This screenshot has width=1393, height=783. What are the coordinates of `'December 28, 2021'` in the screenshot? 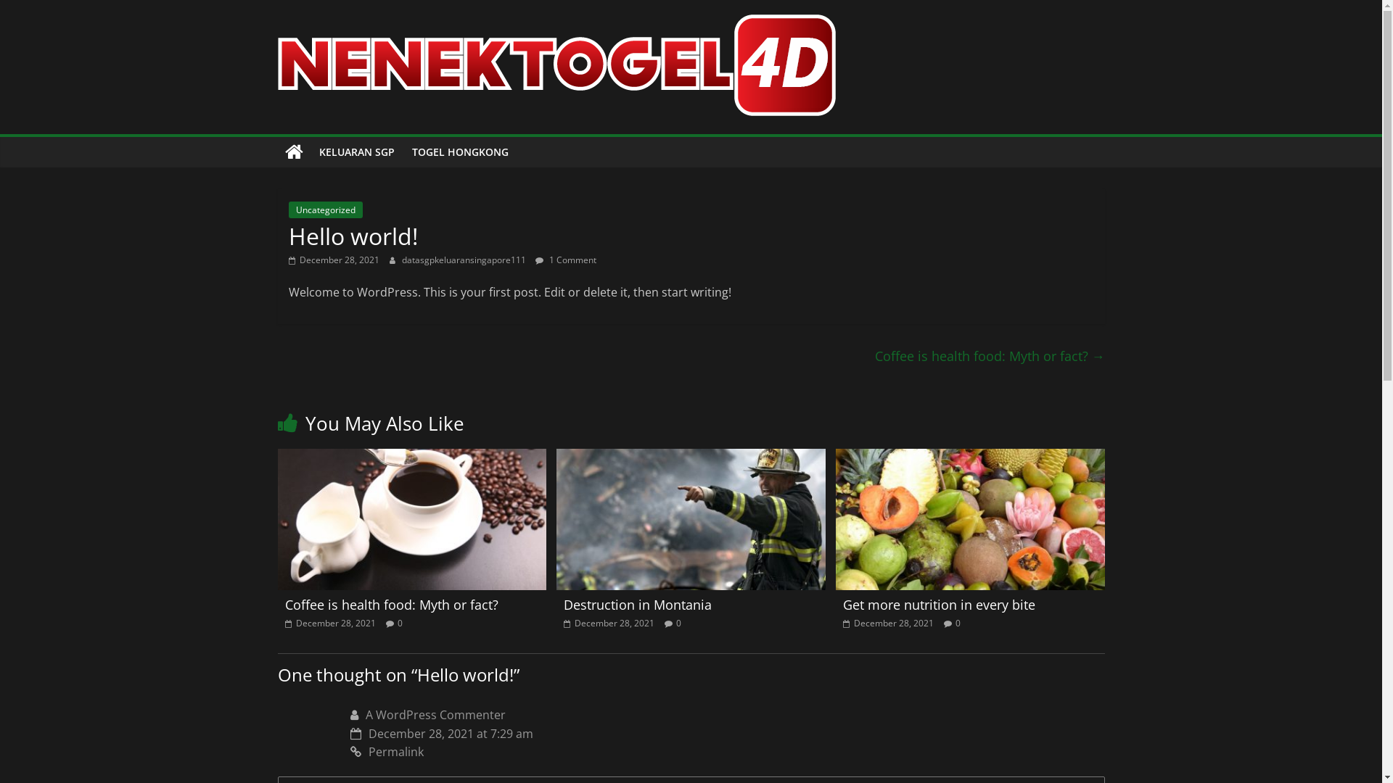 It's located at (329, 622).